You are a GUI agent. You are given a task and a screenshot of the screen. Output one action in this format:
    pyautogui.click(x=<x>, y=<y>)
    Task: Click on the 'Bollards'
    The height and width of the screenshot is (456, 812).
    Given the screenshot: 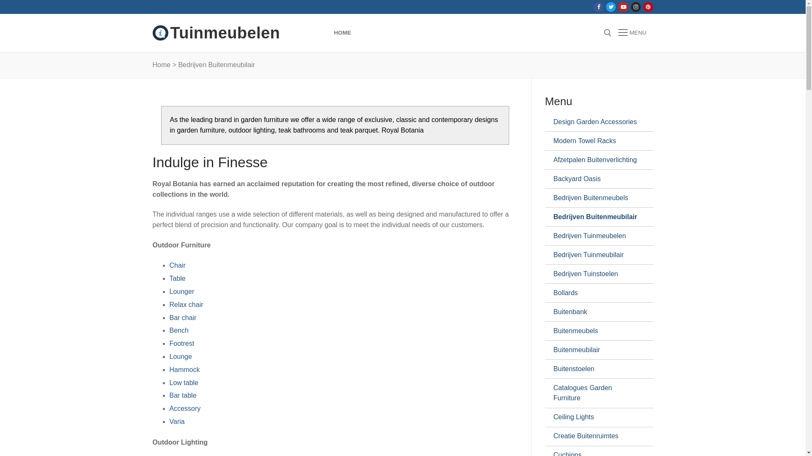 What is the action you would take?
    pyautogui.click(x=595, y=293)
    